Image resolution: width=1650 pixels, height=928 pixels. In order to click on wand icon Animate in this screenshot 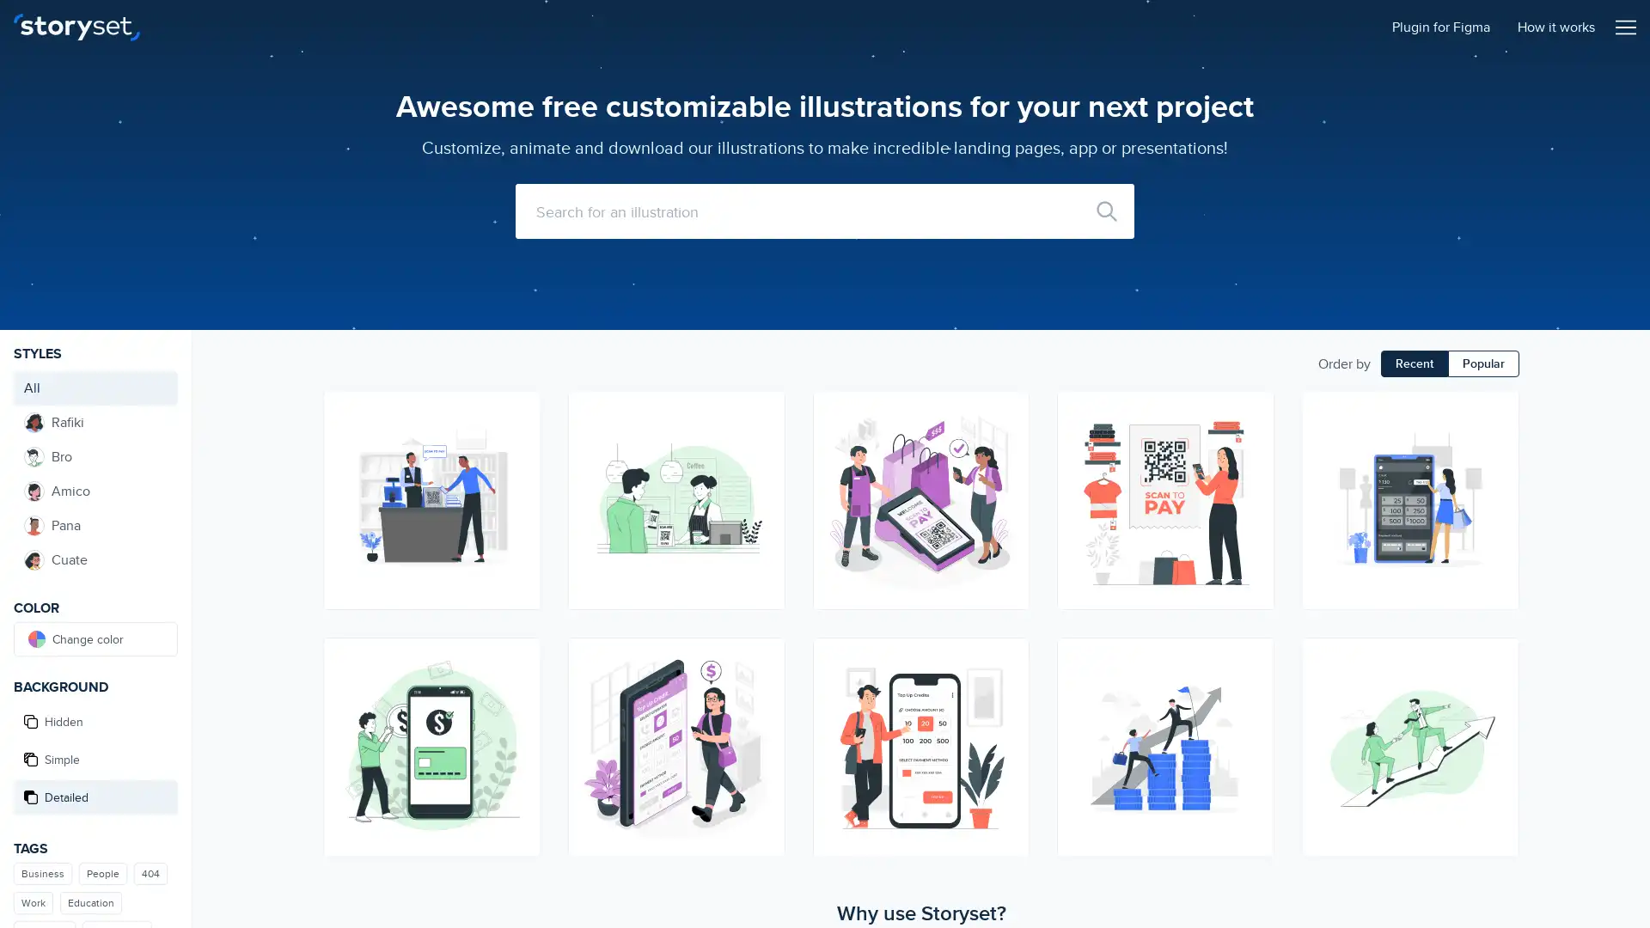, I will do `click(762, 412)`.